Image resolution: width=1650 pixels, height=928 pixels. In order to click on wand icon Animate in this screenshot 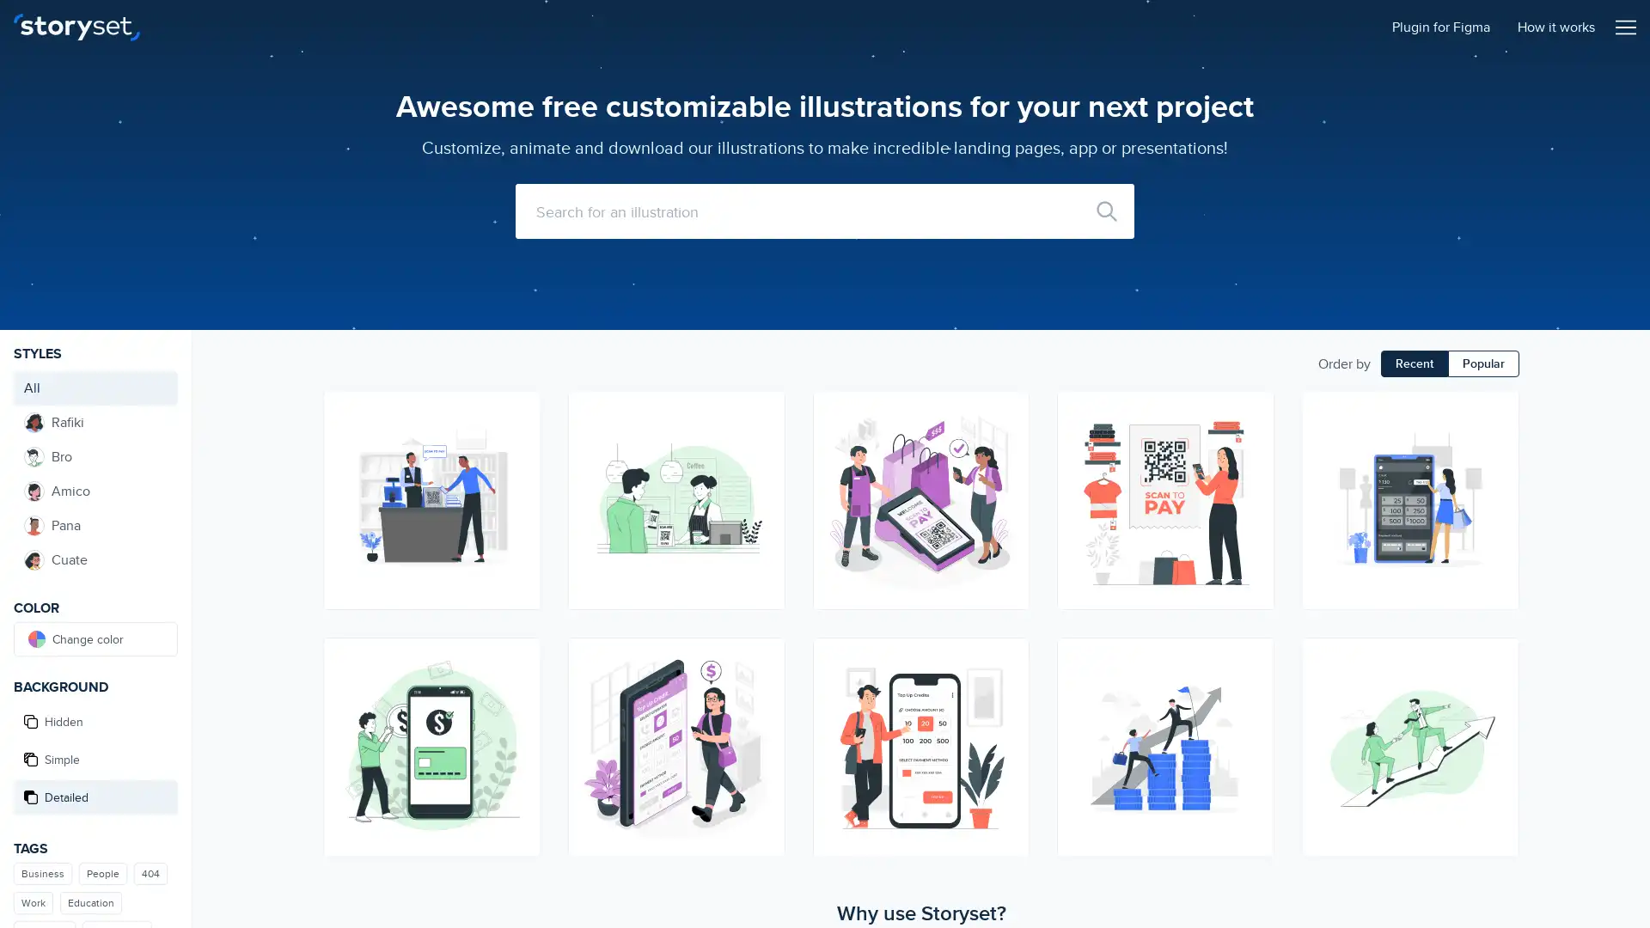, I will do `click(762, 412)`.